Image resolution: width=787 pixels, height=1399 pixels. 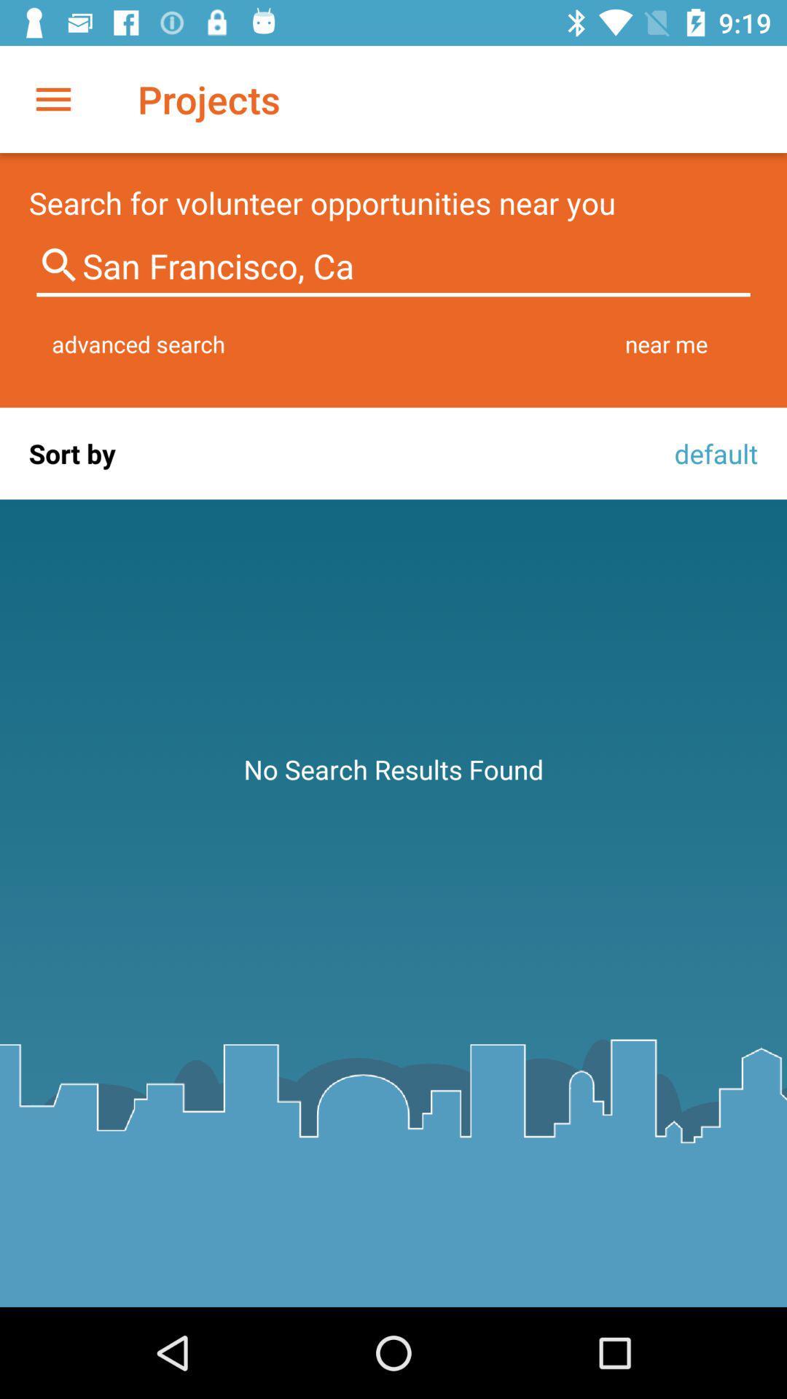 I want to click on item to the right of the advanced search item, so click(x=666, y=343).